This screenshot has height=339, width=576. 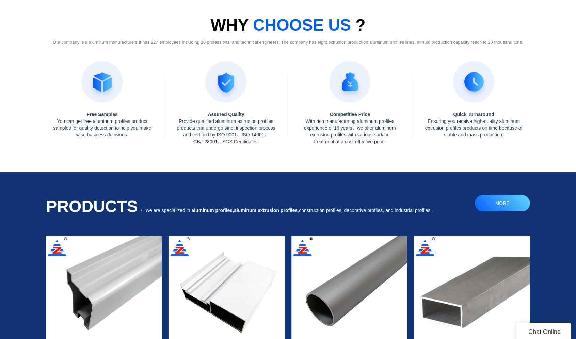 What do you see at coordinates (53, 127) in the screenshot?
I see `'You can get free aluminum profiles product samples for quality detection to help you make wise business decisions.'` at bounding box center [53, 127].